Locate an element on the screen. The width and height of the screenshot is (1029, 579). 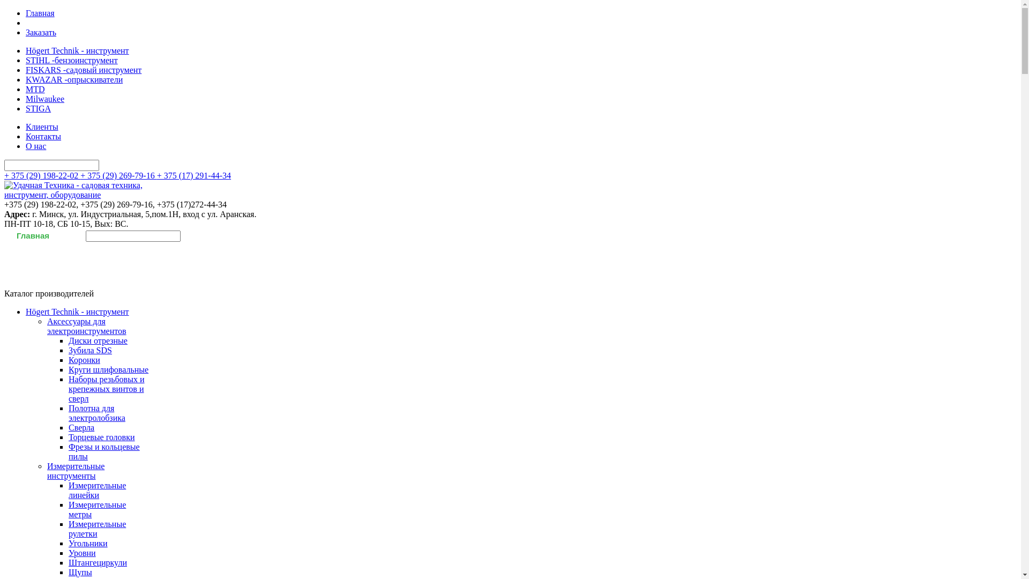
'+ 375 (29) 269-79-16' is located at coordinates (118, 175).